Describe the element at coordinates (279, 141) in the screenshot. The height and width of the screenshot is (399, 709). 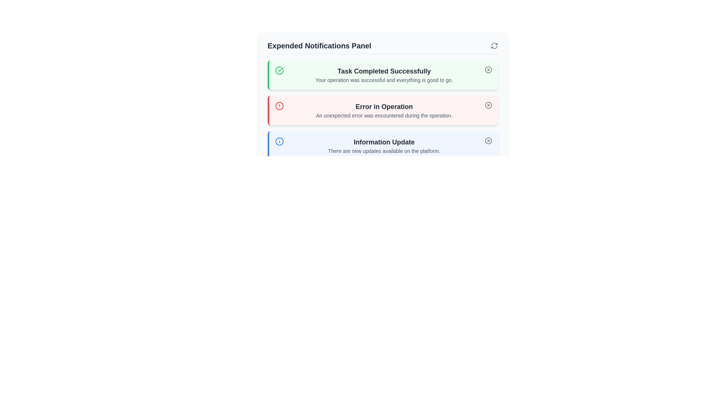
I see `the circular icon with a blue outline resembling an 'info' symbol, located at the leftmost side of the 'Information Update' notification row` at that location.